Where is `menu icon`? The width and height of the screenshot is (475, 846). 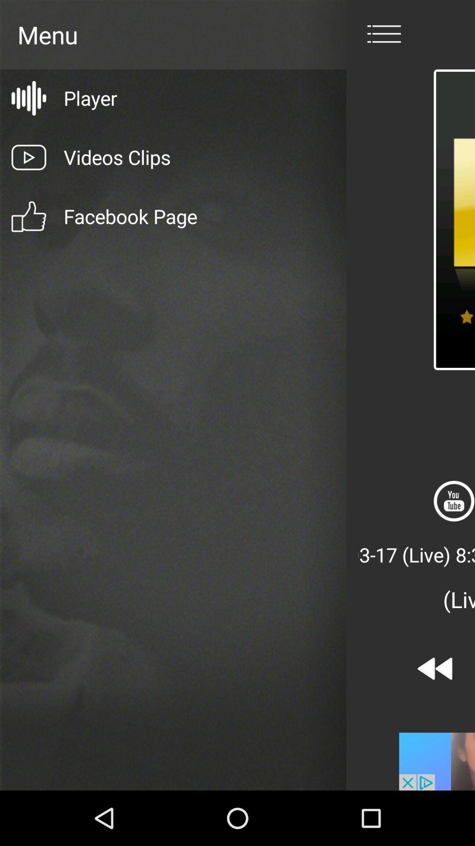 menu icon is located at coordinates (384, 34).